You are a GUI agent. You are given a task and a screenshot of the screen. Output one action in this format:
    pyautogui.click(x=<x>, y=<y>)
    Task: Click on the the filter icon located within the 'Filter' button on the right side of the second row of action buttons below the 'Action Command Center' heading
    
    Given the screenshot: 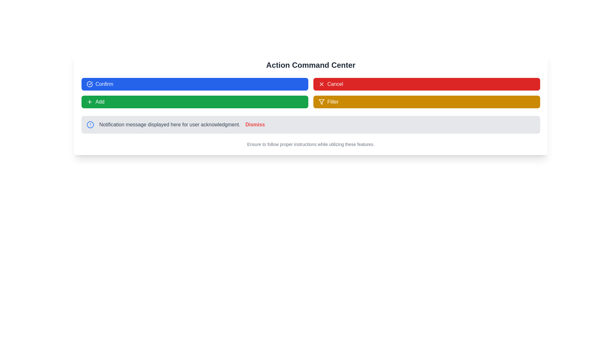 What is the action you would take?
    pyautogui.click(x=321, y=101)
    